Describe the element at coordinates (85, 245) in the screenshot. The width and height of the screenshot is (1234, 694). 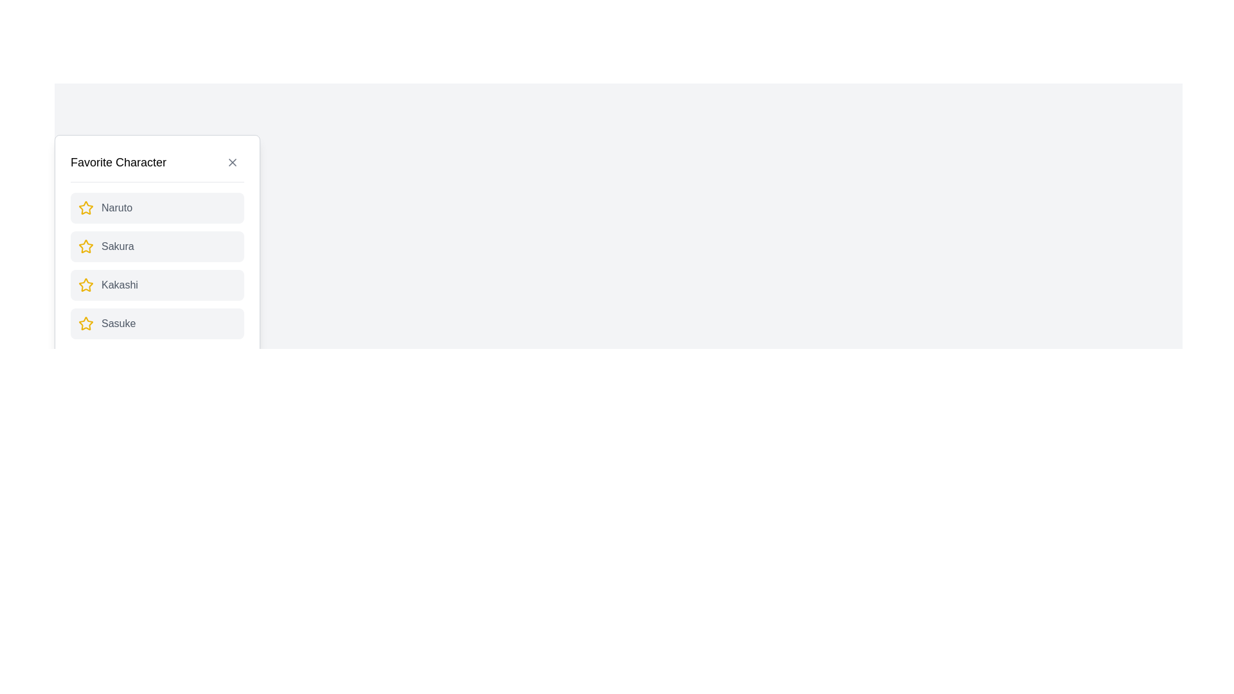
I see `the second star icon associated with the text 'Sakura'` at that location.